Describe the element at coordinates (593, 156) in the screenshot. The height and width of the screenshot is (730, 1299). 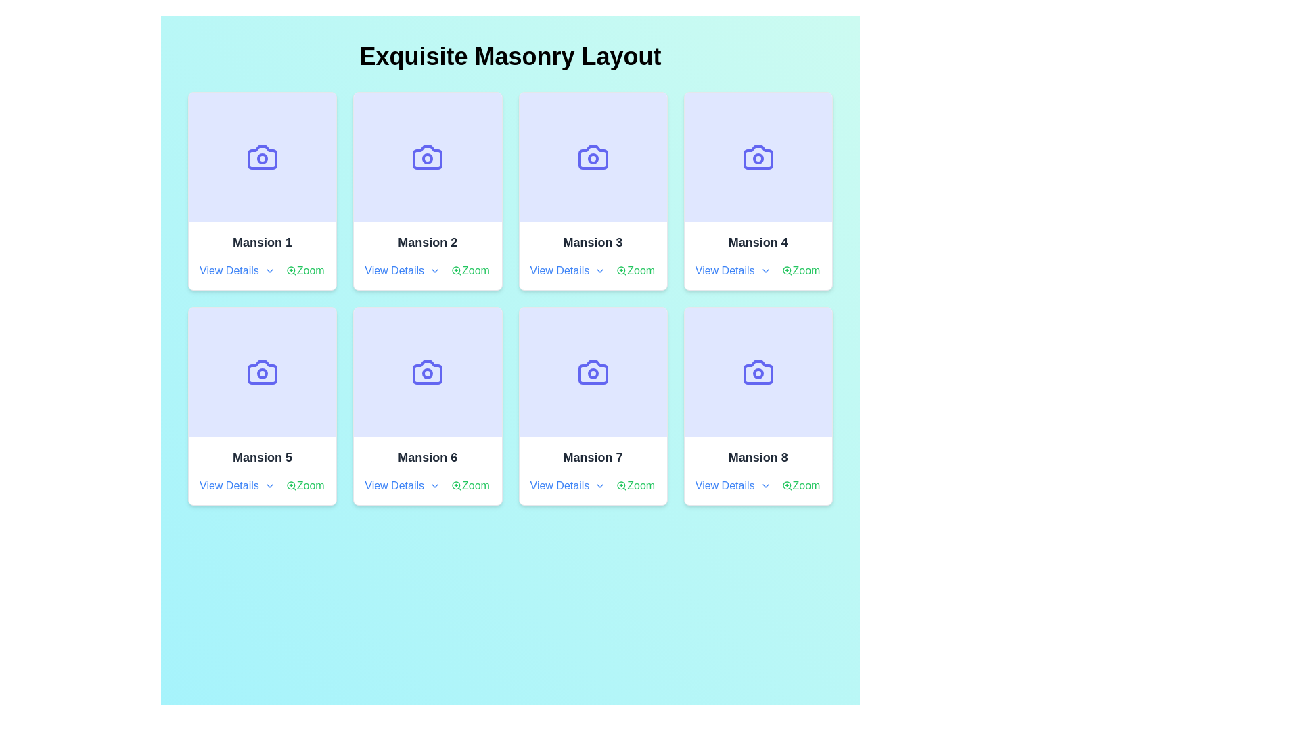
I see `the vibrant indigo camera icon with rounded edges located in the middle section of the third card under 'Exquisite Masonry Layout'` at that location.